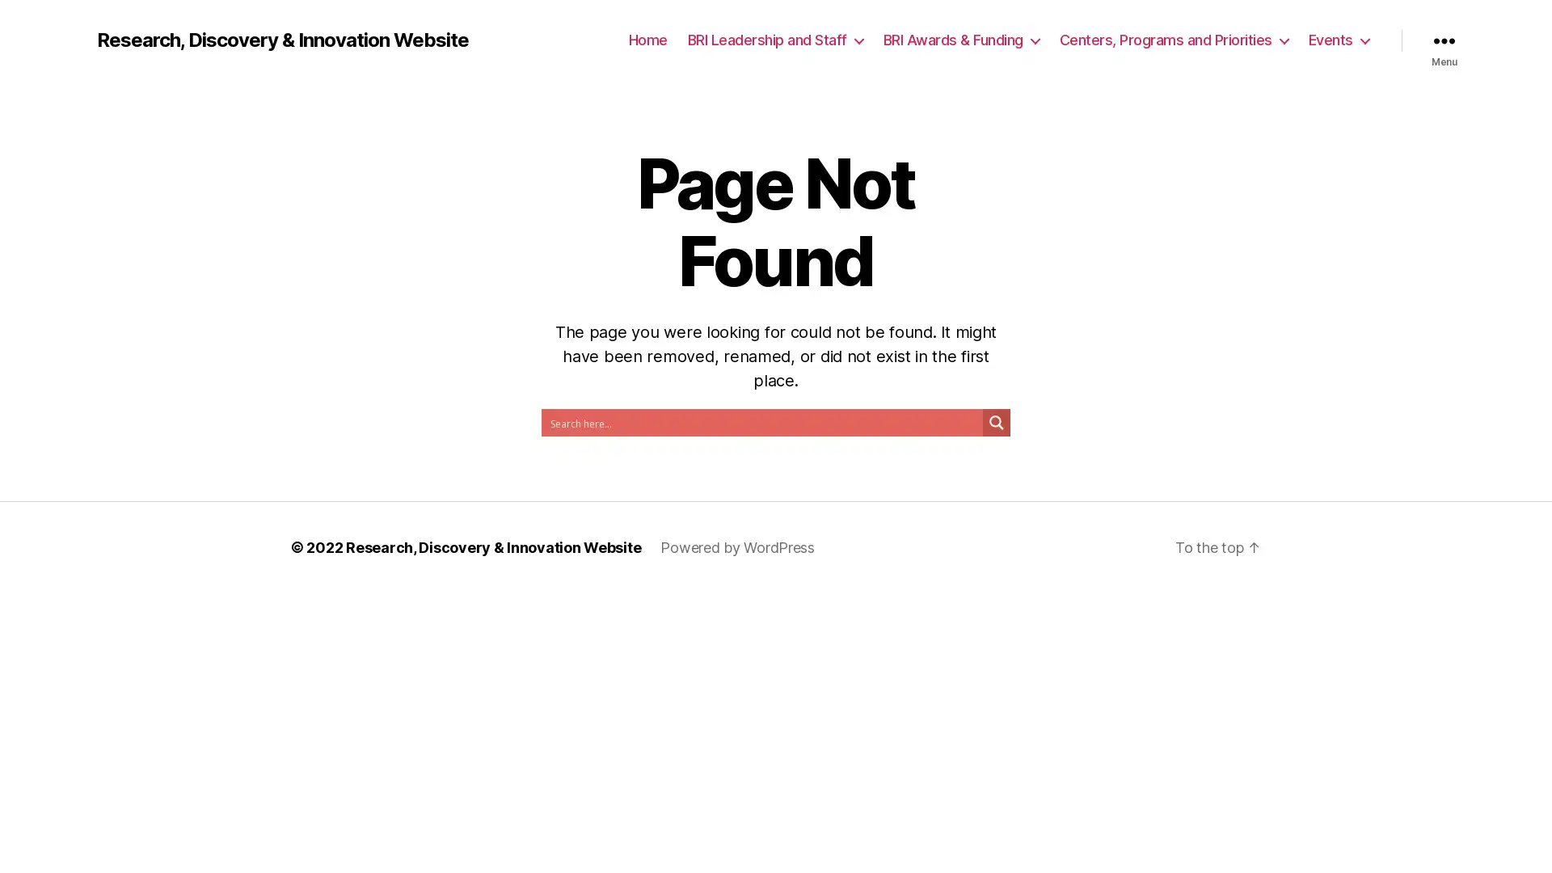 The width and height of the screenshot is (1552, 873). What do you see at coordinates (1444, 40) in the screenshot?
I see `Menu` at bounding box center [1444, 40].